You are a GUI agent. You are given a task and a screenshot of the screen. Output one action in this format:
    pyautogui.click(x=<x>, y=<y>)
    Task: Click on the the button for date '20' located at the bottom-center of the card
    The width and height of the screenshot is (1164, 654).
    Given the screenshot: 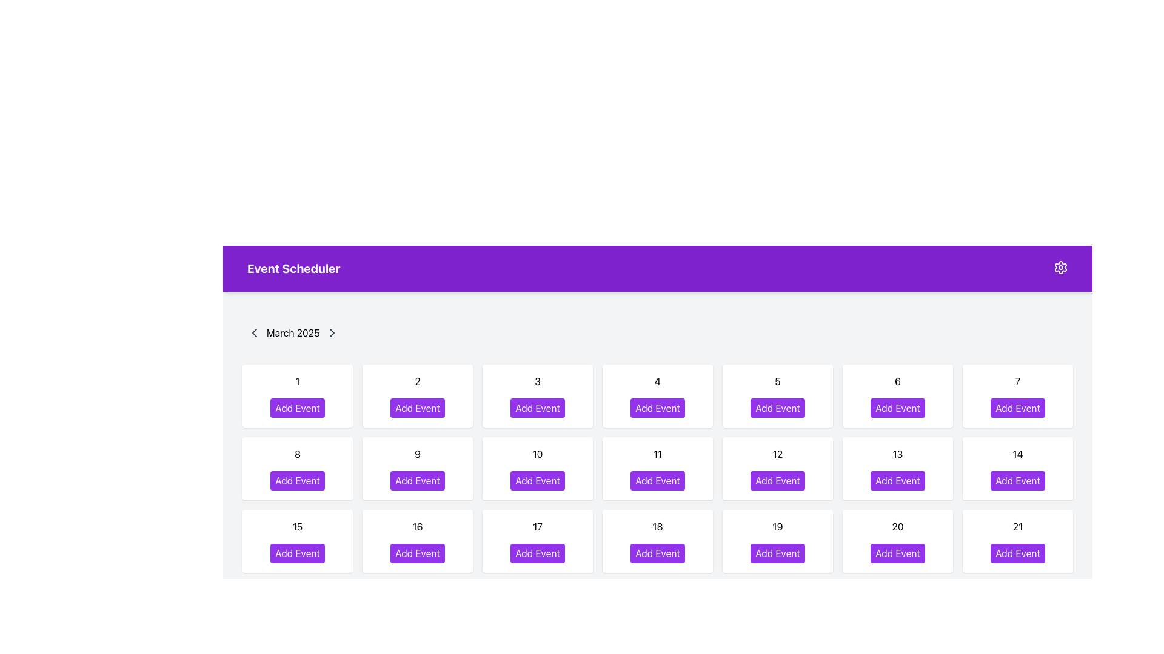 What is the action you would take?
    pyautogui.click(x=898, y=553)
    